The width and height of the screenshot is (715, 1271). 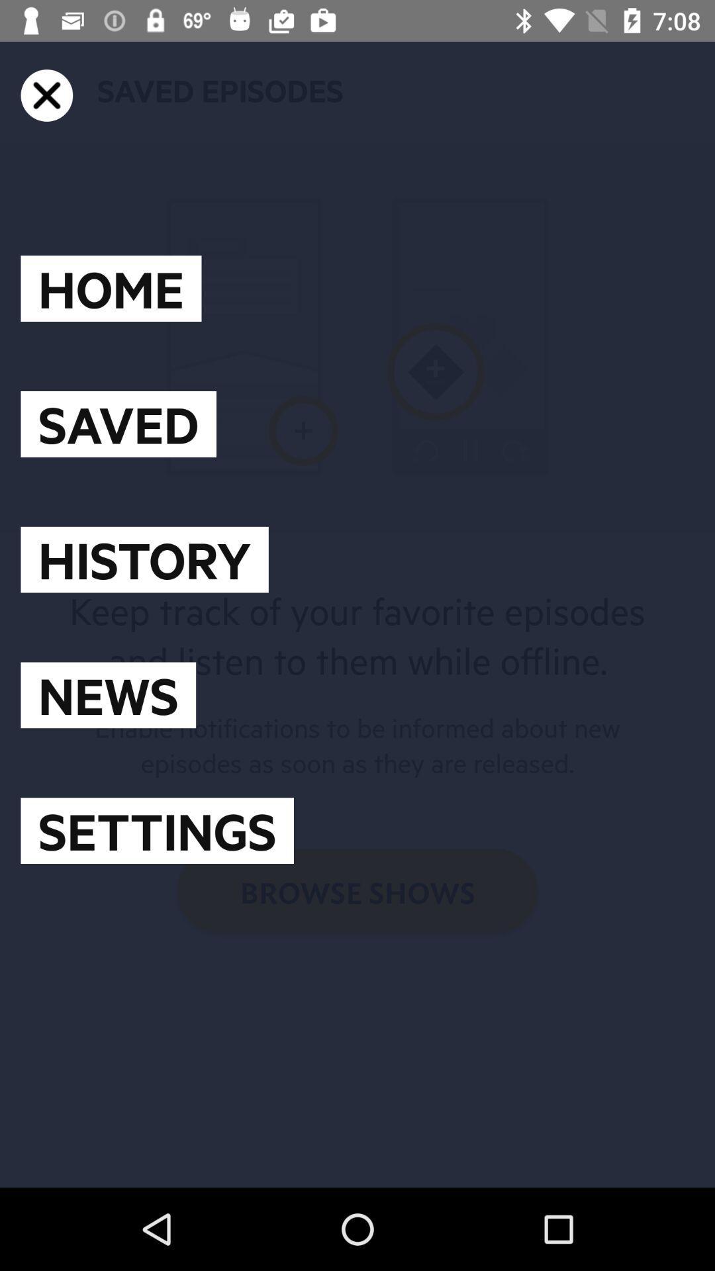 What do you see at coordinates (156, 830) in the screenshot?
I see `item below news` at bounding box center [156, 830].